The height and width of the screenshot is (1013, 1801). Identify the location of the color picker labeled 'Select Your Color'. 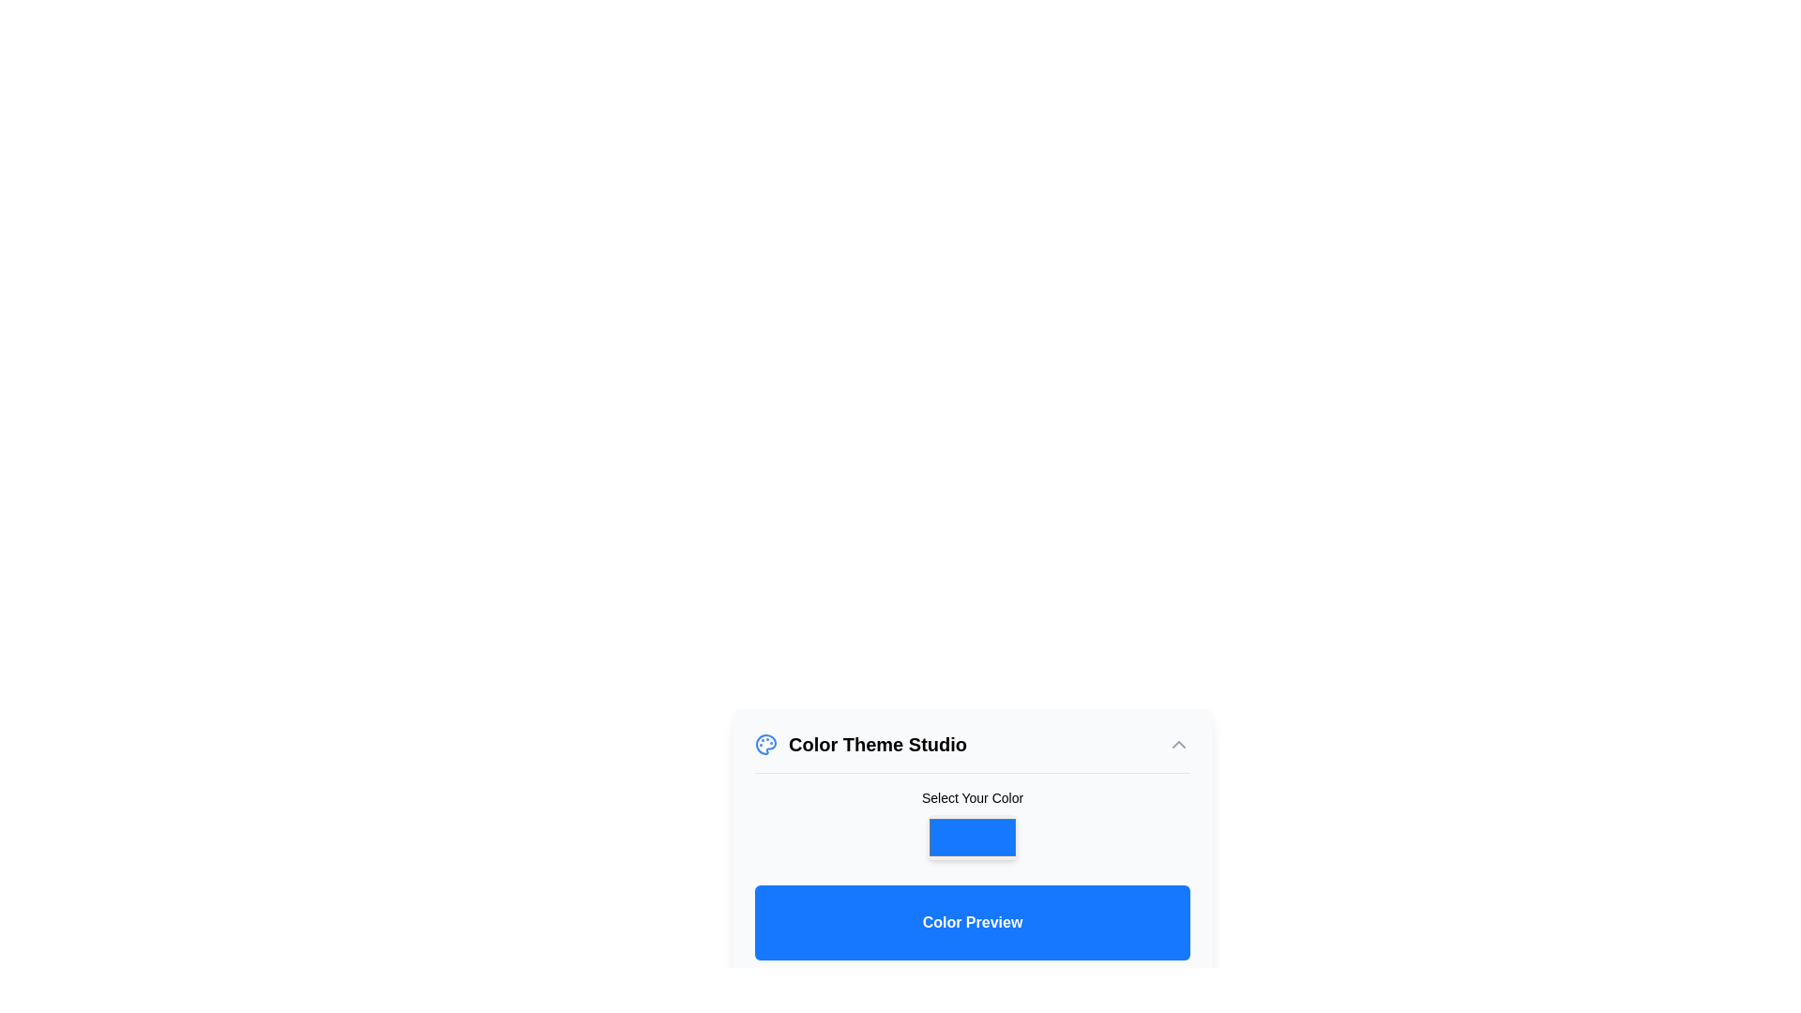
(972, 824).